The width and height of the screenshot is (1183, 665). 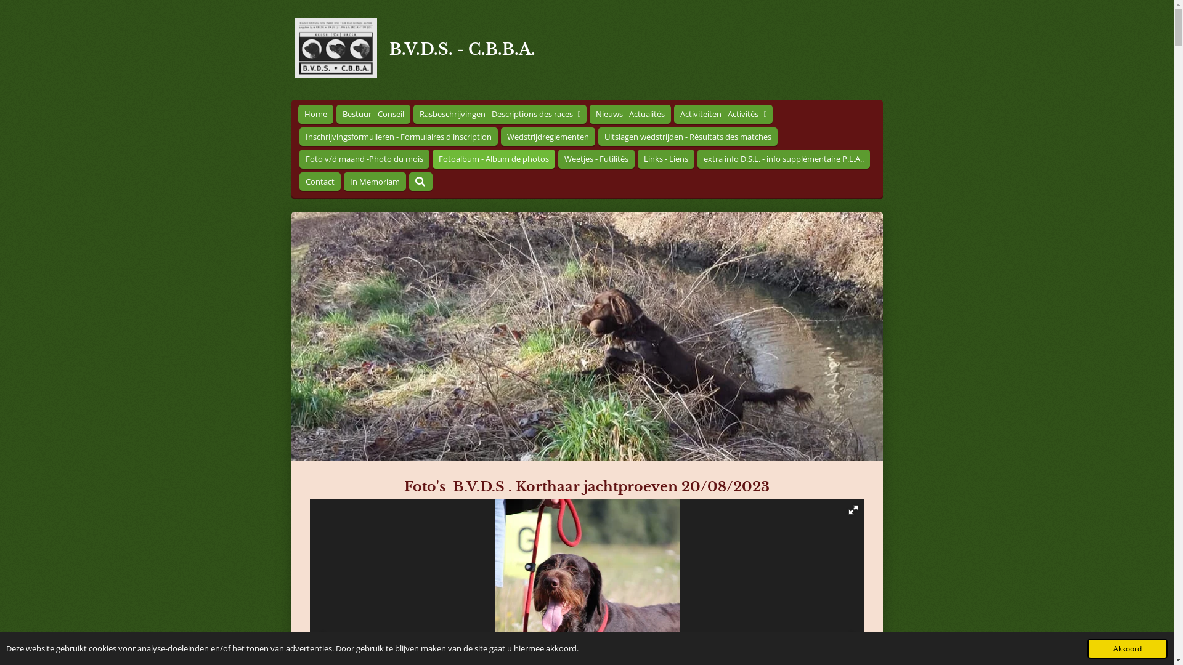 What do you see at coordinates (409, 182) in the screenshot?
I see `'Zoeken'` at bounding box center [409, 182].